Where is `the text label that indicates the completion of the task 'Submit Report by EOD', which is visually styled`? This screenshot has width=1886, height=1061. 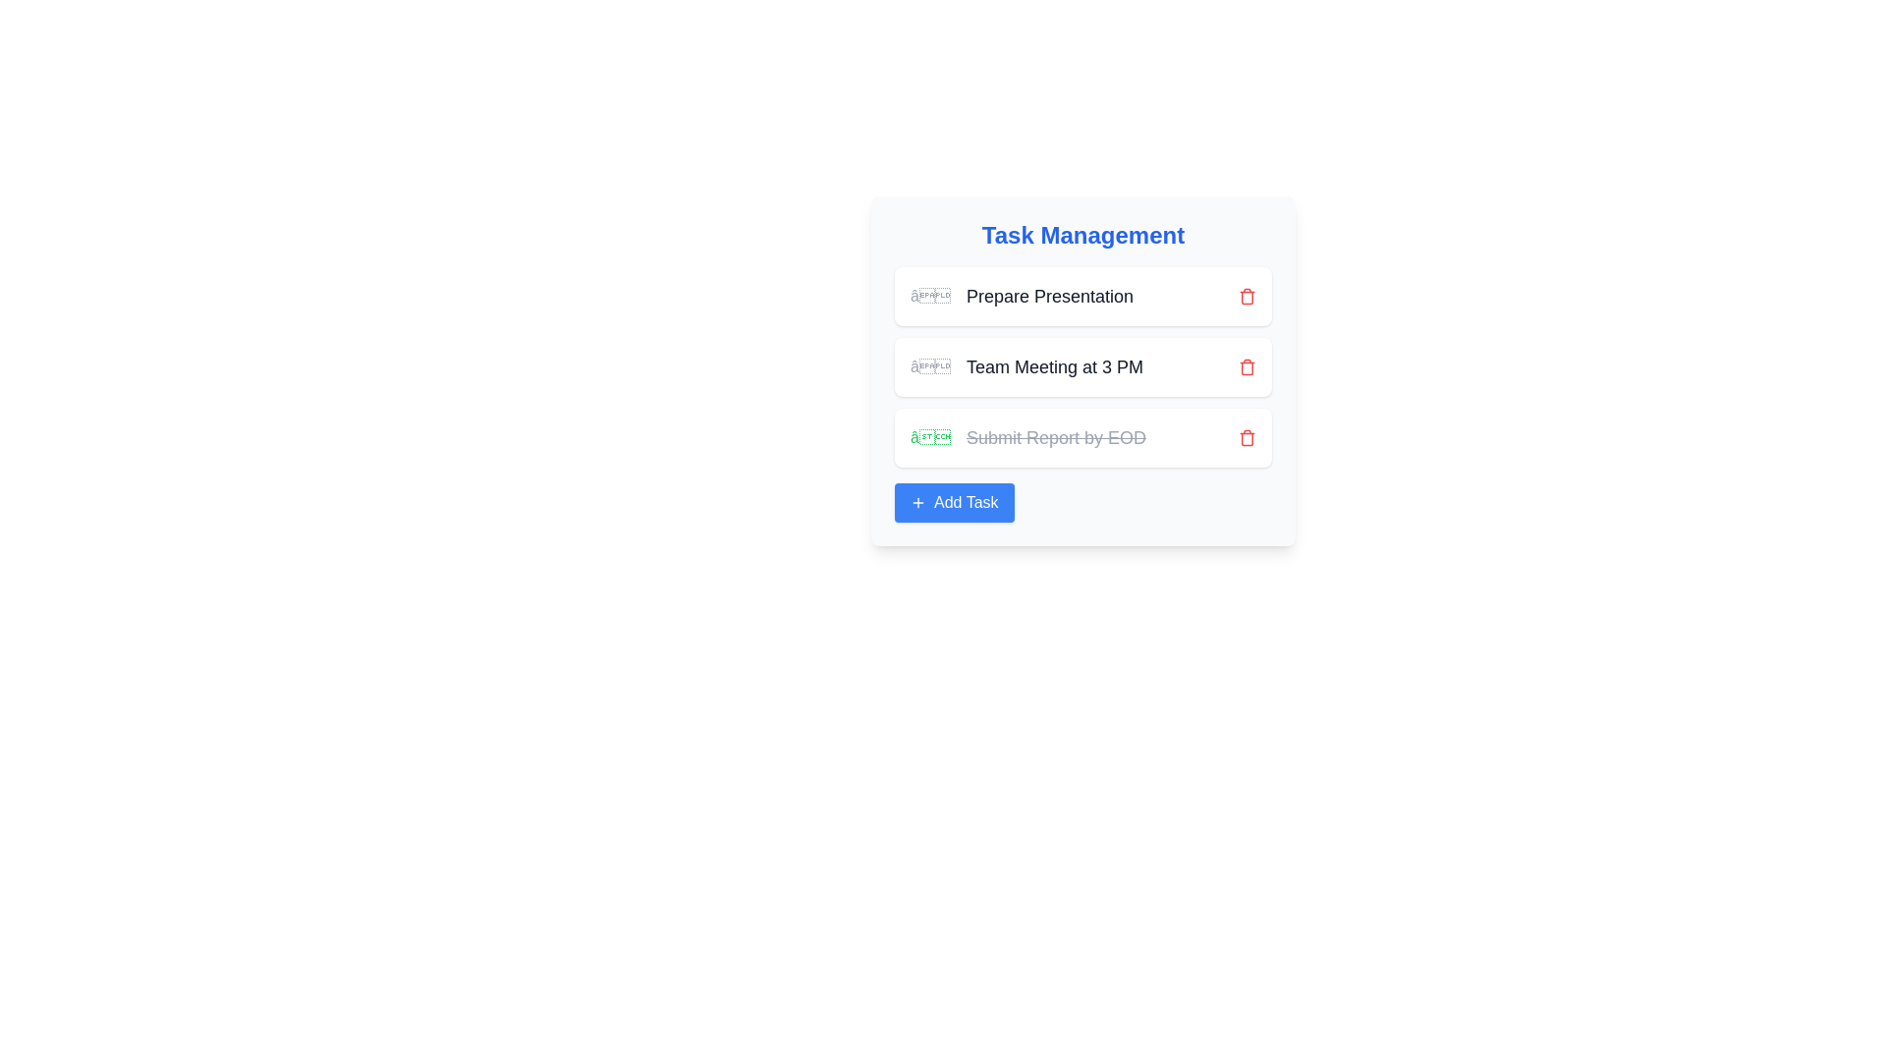
the text label that indicates the completion of the task 'Submit Report by EOD', which is visually styled is located at coordinates (1055, 437).